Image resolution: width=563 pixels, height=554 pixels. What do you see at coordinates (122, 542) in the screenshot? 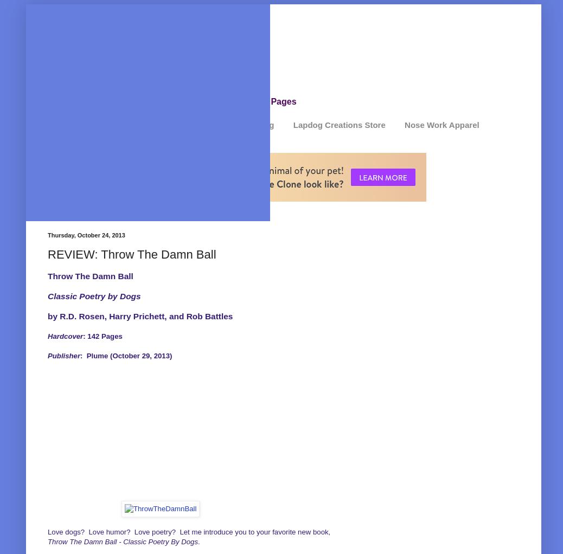
I see `'Throw The Damn Ball - Classic Poetry By Dogs'` at bounding box center [122, 542].